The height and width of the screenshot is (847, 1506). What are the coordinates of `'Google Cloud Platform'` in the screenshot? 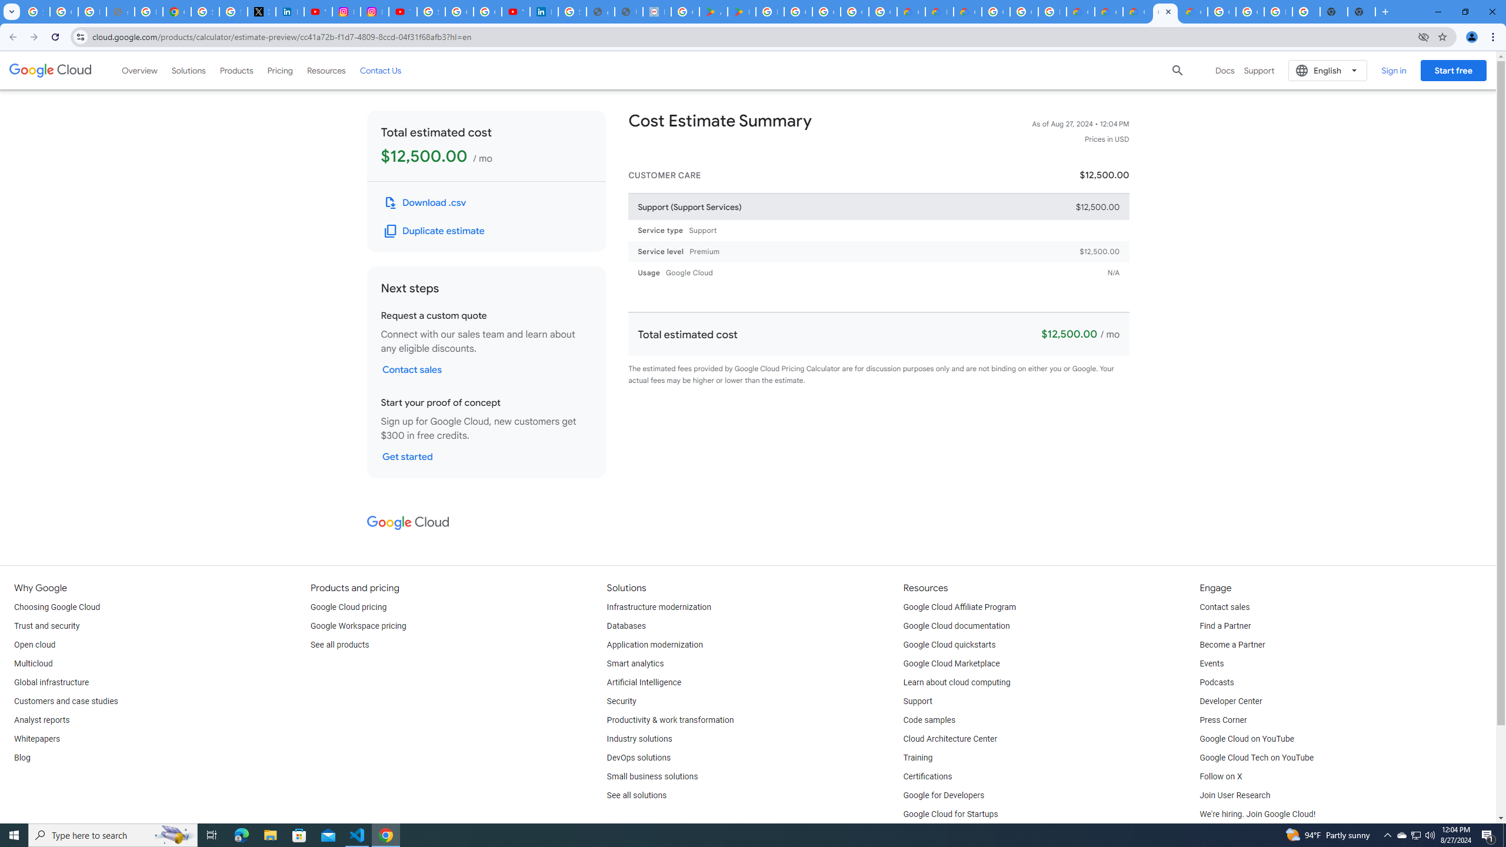 It's located at (1024, 11).